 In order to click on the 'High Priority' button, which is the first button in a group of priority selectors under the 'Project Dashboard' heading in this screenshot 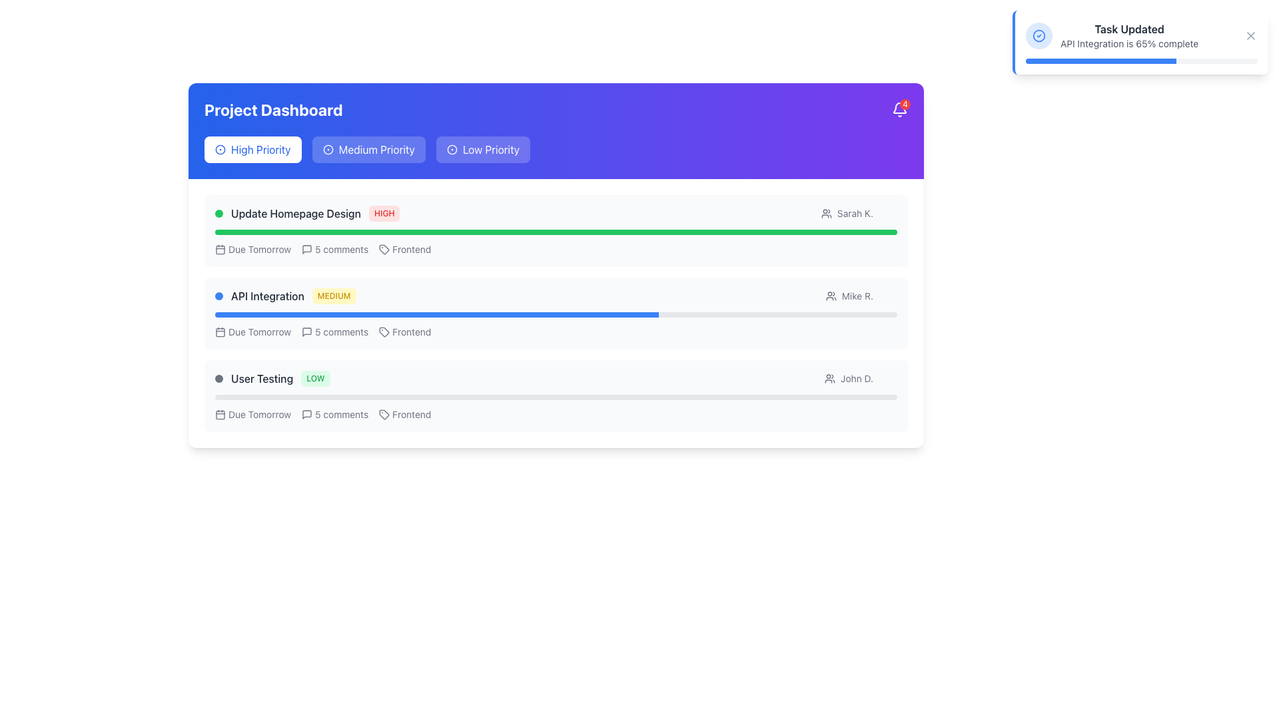, I will do `click(252, 149)`.